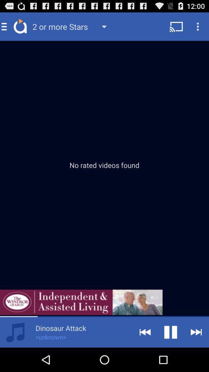  I want to click on the music icon, so click(15, 355).